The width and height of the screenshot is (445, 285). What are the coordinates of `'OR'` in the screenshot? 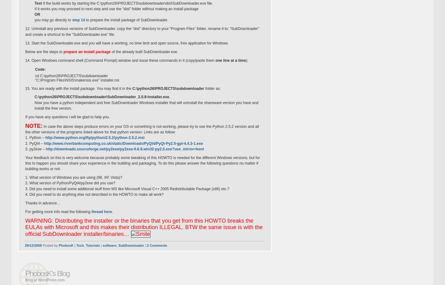 It's located at (37, 14).